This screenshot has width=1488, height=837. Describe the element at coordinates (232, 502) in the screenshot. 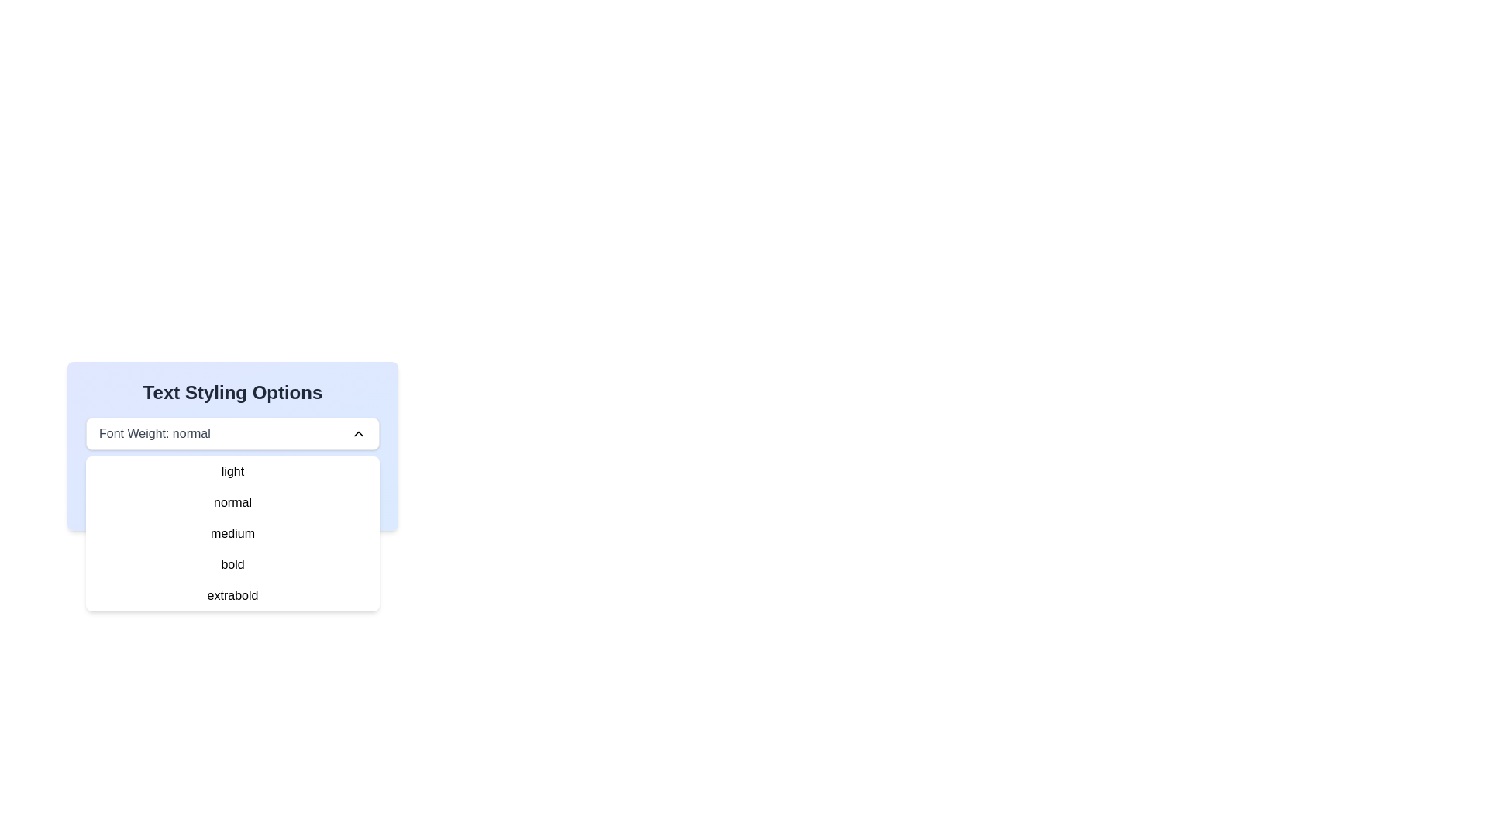

I see `the 'normal' text item in the dropdown options menu` at that location.